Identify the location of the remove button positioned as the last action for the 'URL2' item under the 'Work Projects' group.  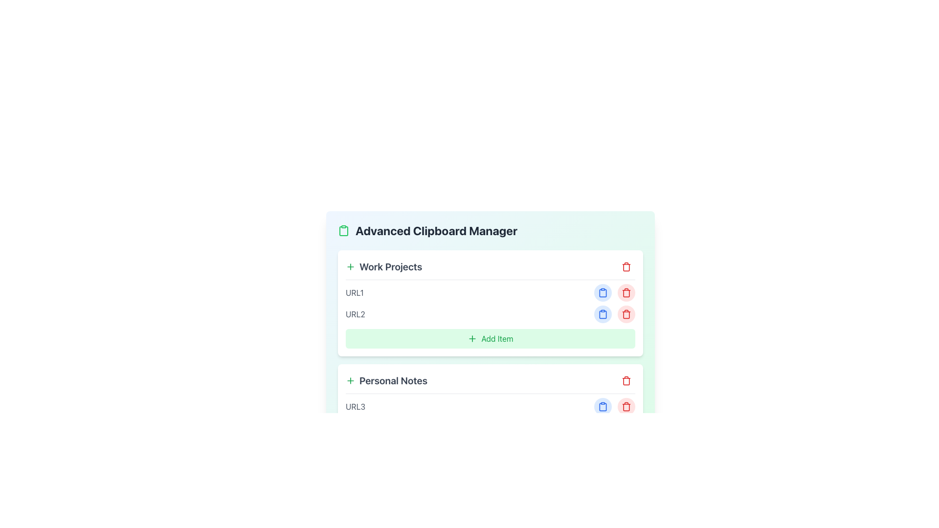
(626, 314).